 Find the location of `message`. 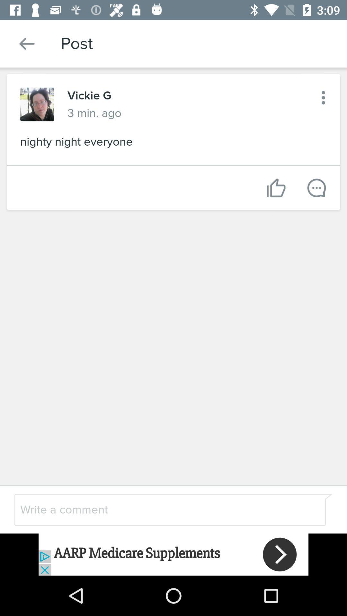

message is located at coordinates (316, 187).